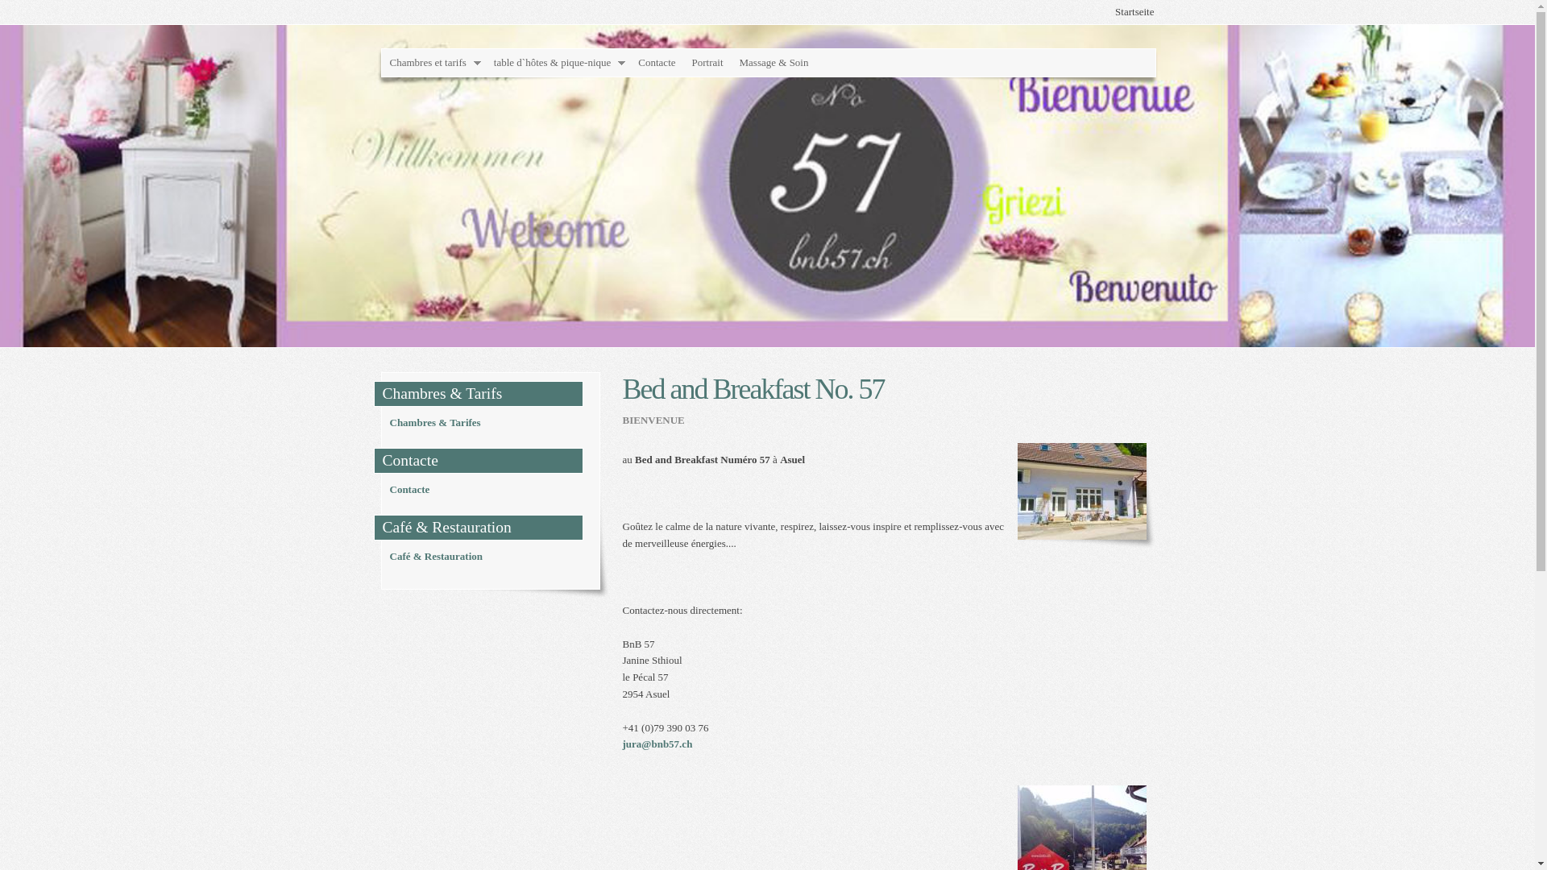 This screenshot has height=870, width=1547. I want to click on 'Portrait', so click(707, 61).